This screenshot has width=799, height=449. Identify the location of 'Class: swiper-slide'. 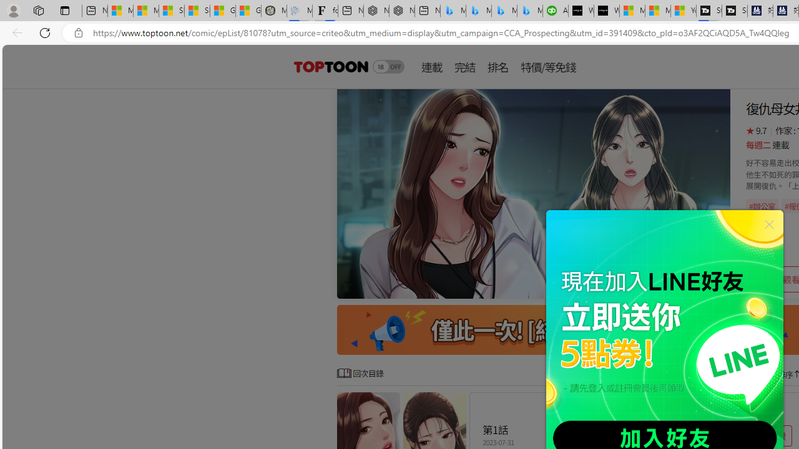
(534, 194).